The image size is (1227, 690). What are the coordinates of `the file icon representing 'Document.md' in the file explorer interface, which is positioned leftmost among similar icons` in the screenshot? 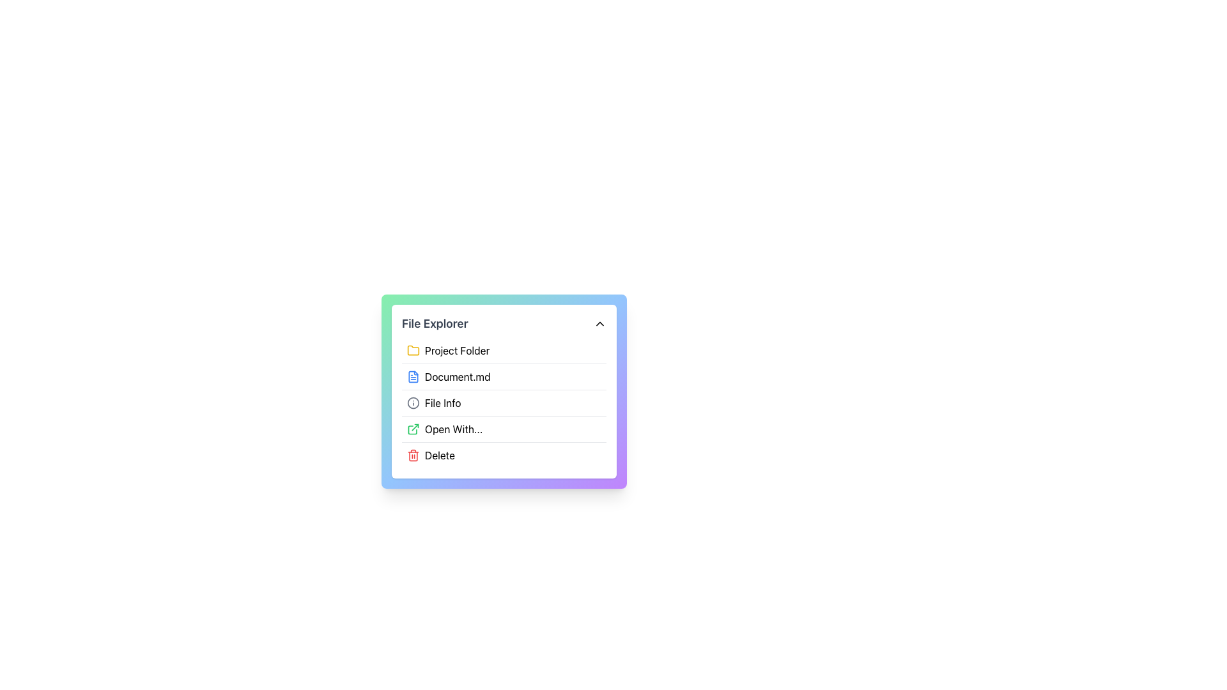 It's located at (413, 376).